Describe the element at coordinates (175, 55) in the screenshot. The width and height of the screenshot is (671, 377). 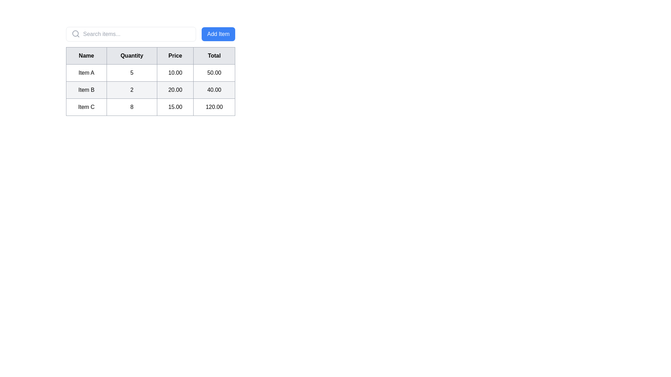
I see `text displayed in the Table Header Cell that serves as the header for the pricing information column, located in the header row of the table, between the 'Quantity' and 'Total' headers` at that location.